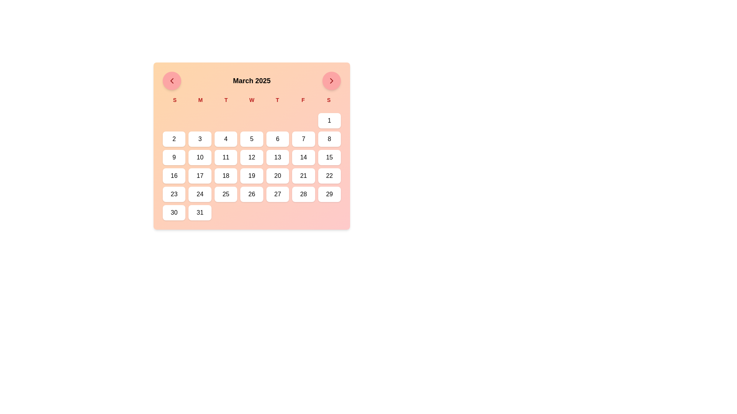  What do you see at coordinates (303, 194) in the screenshot?
I see `the rectangular button with rounded corners that displays the number '28' in bold sans-serif font` at bounding box center [303, 194].